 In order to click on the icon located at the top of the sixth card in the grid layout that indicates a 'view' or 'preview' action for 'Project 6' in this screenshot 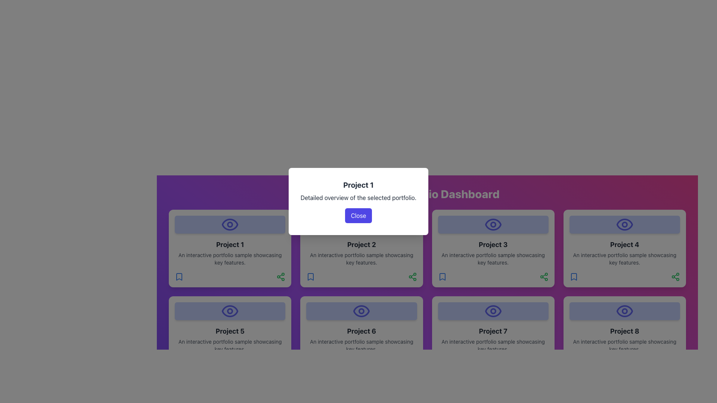, I will do `click(361, 311)`.